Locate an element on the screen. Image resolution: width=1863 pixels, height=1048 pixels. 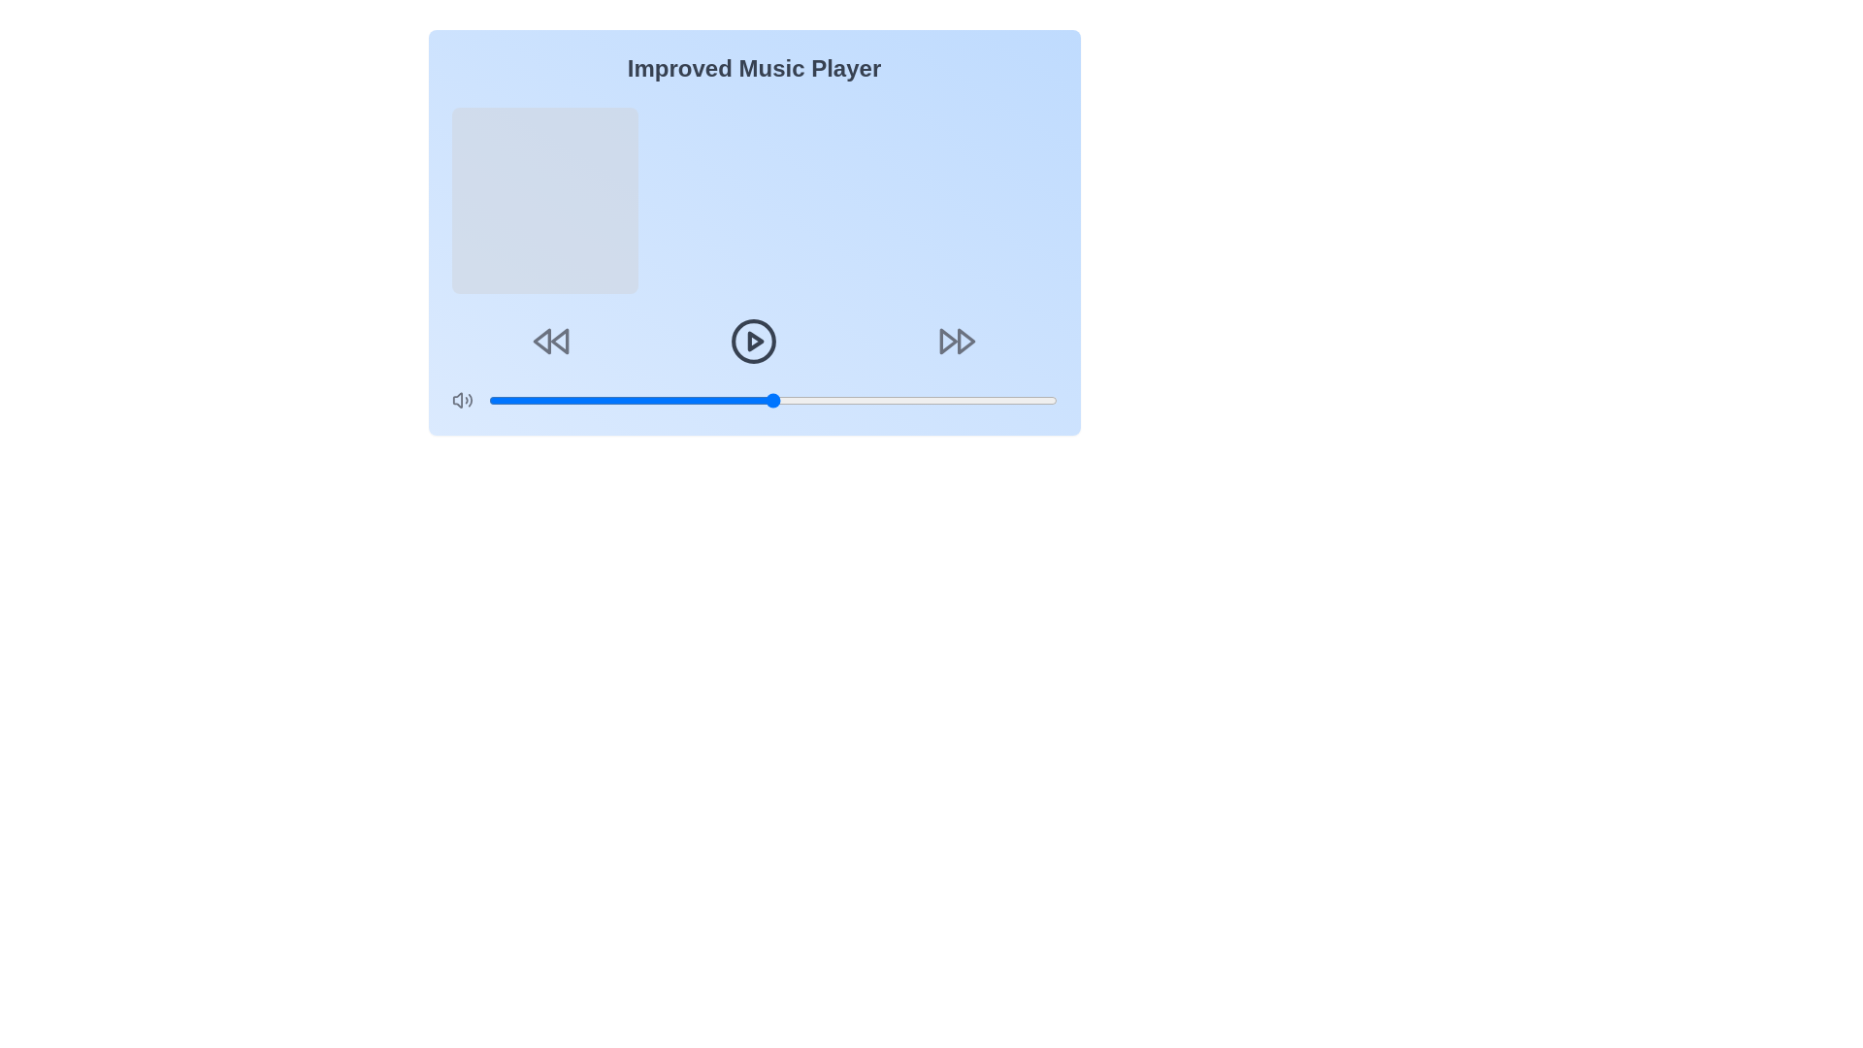
the 'Play' button located in the music player interface, positioned centrally below the title 'Improved Music Player' and between the 'previous track' and 'next track' buttons is located at coordinates (753, 340).